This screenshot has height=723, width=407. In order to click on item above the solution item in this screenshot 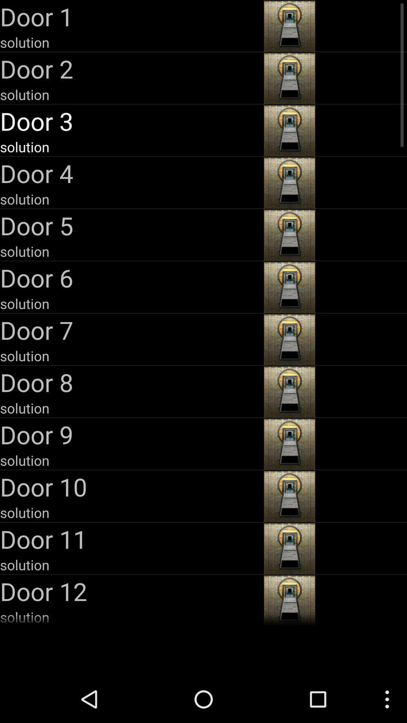, I will do `click(130, 173)`.